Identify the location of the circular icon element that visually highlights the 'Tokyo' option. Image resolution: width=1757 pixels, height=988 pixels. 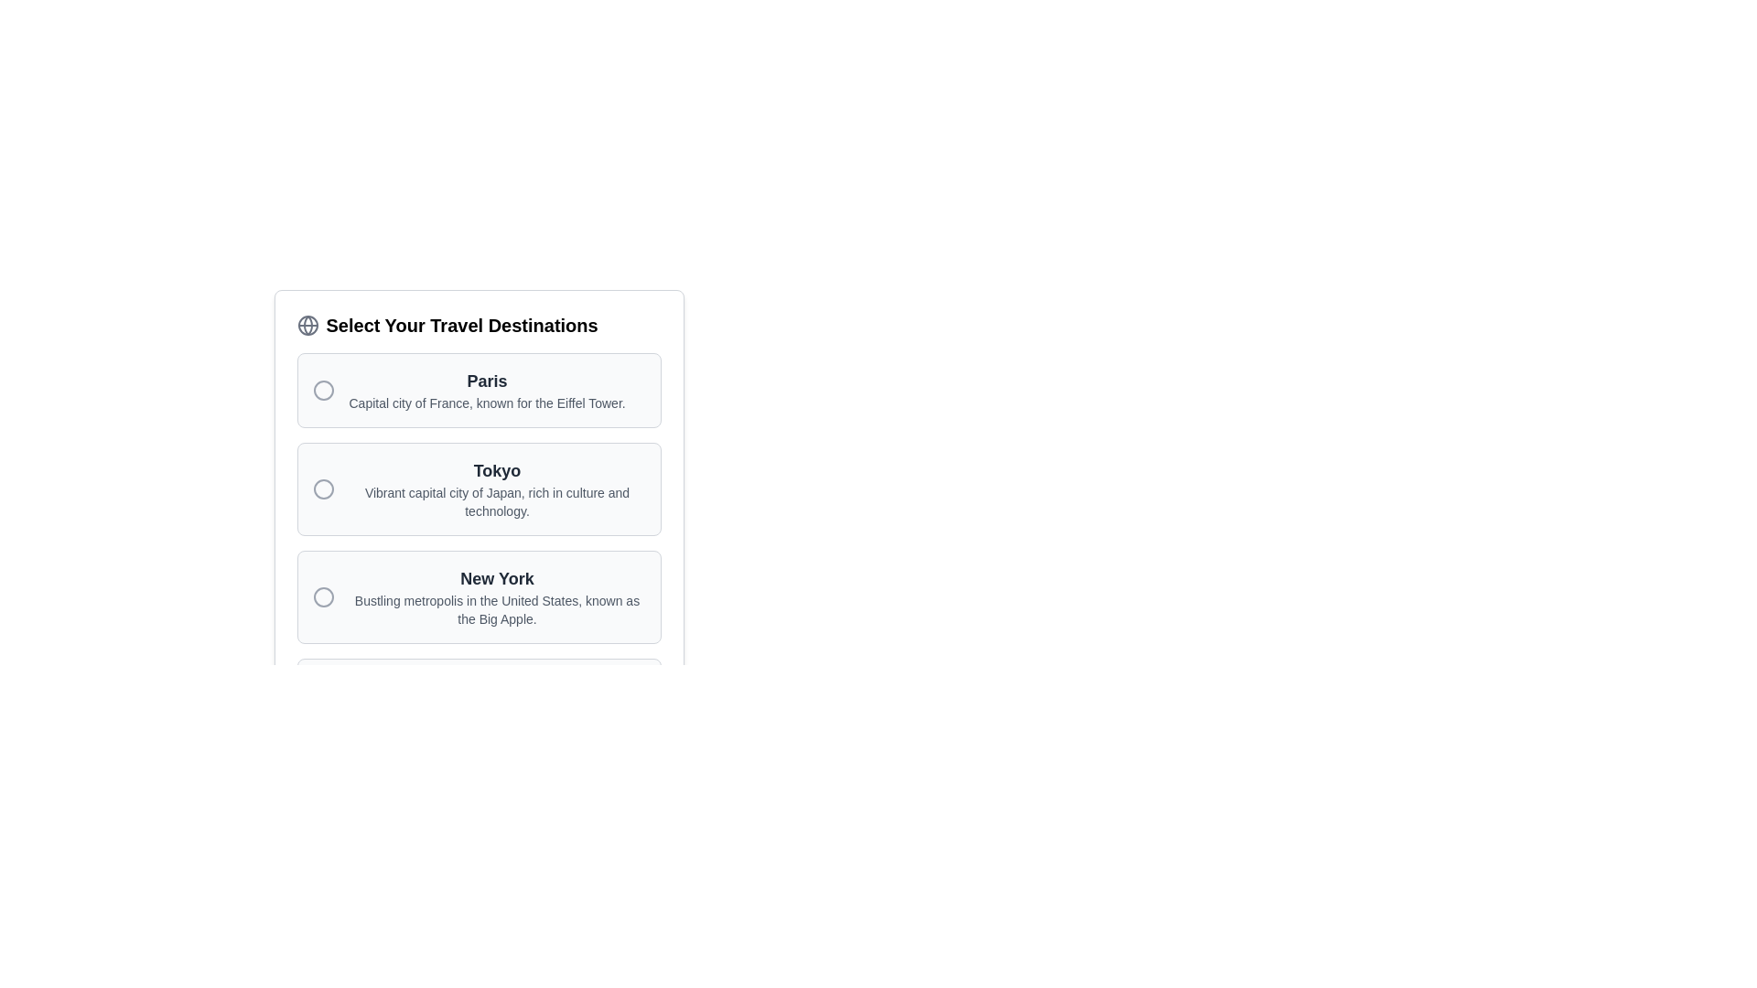
(323, 489).